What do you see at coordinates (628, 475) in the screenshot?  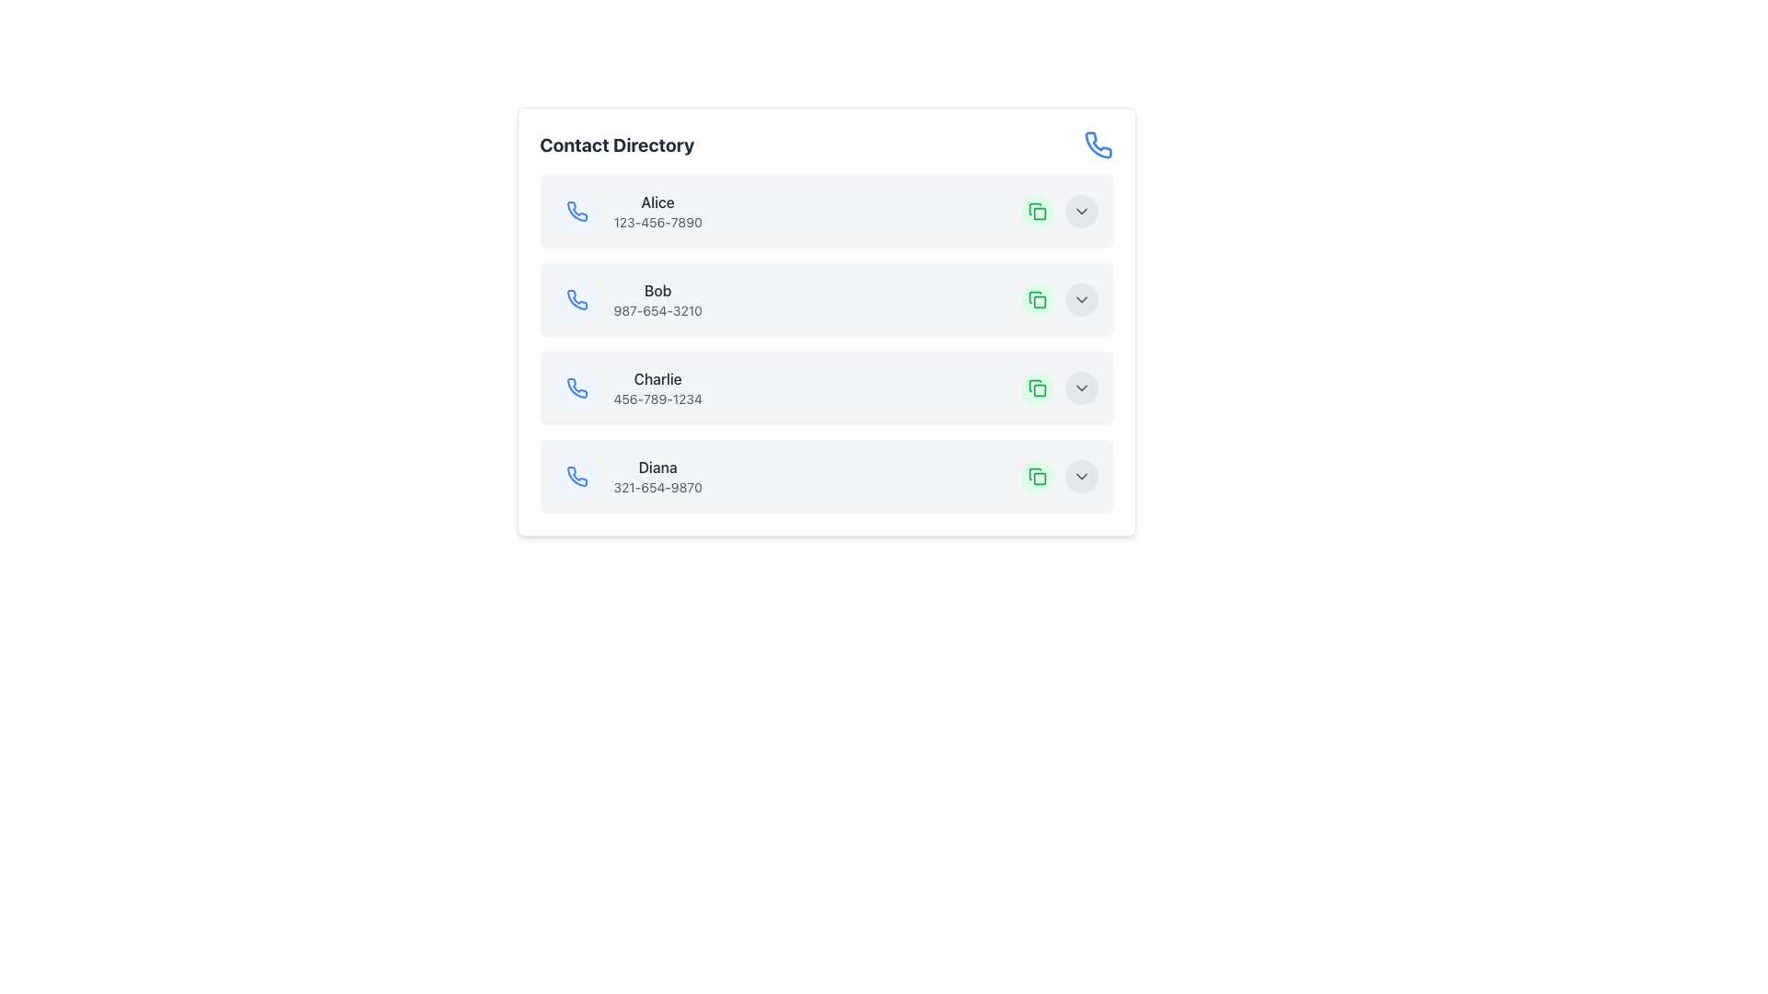 I see `the Contact Information Row for 'Diana', which includes a phone icon and the phone number '321-654-9870', positioned as the fourth entry in the contact directory interface` at bounding box center [628, 475].